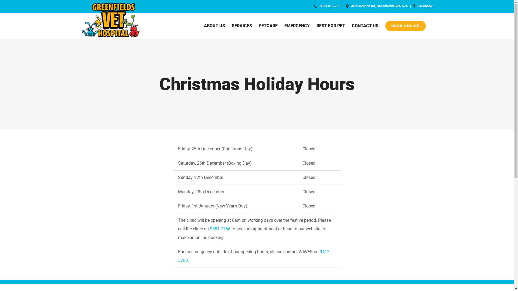 The width and height of the screenshot is (518, 291). Describe the element at coordinates (330, 26) in the screenshot. I see `'BEST FOR PET'` at that location.